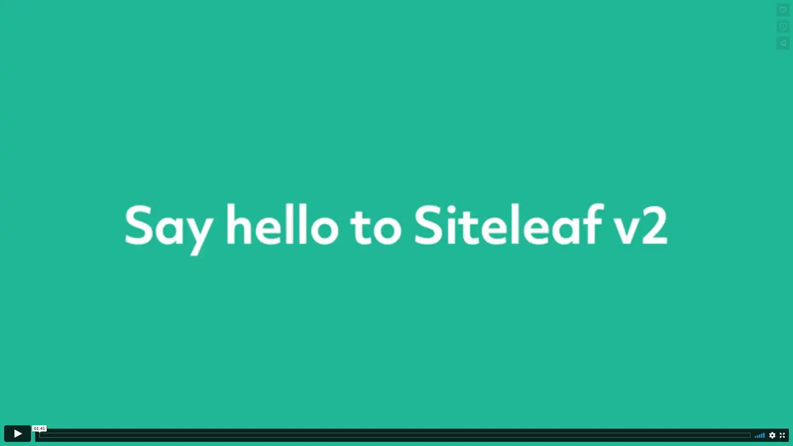  Describe the element at coordinates (783, 43) in the screenshot. I see `Share` at that location.